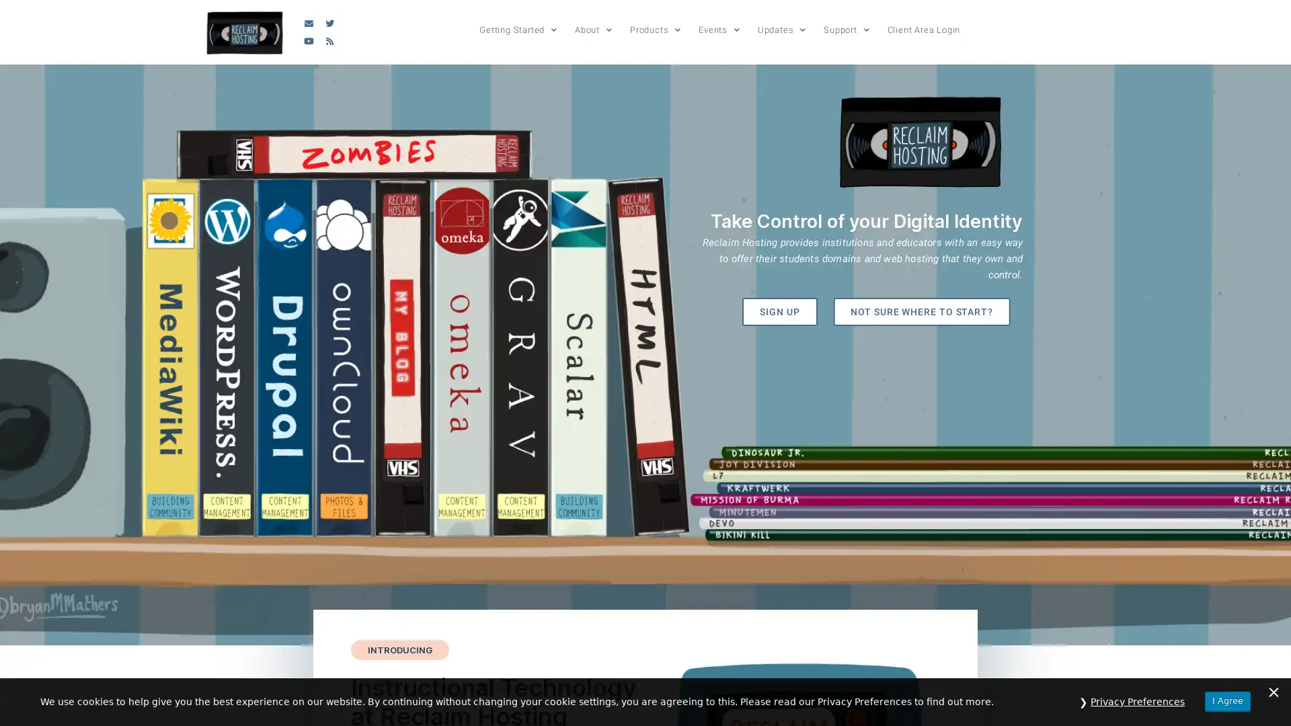 This screenshot has width=1291, height=726. What do you see at coordinates (920, 311) in the screenshot?
I see `NOT SURE WHERE TO START?` at bounding box center [920, 311].